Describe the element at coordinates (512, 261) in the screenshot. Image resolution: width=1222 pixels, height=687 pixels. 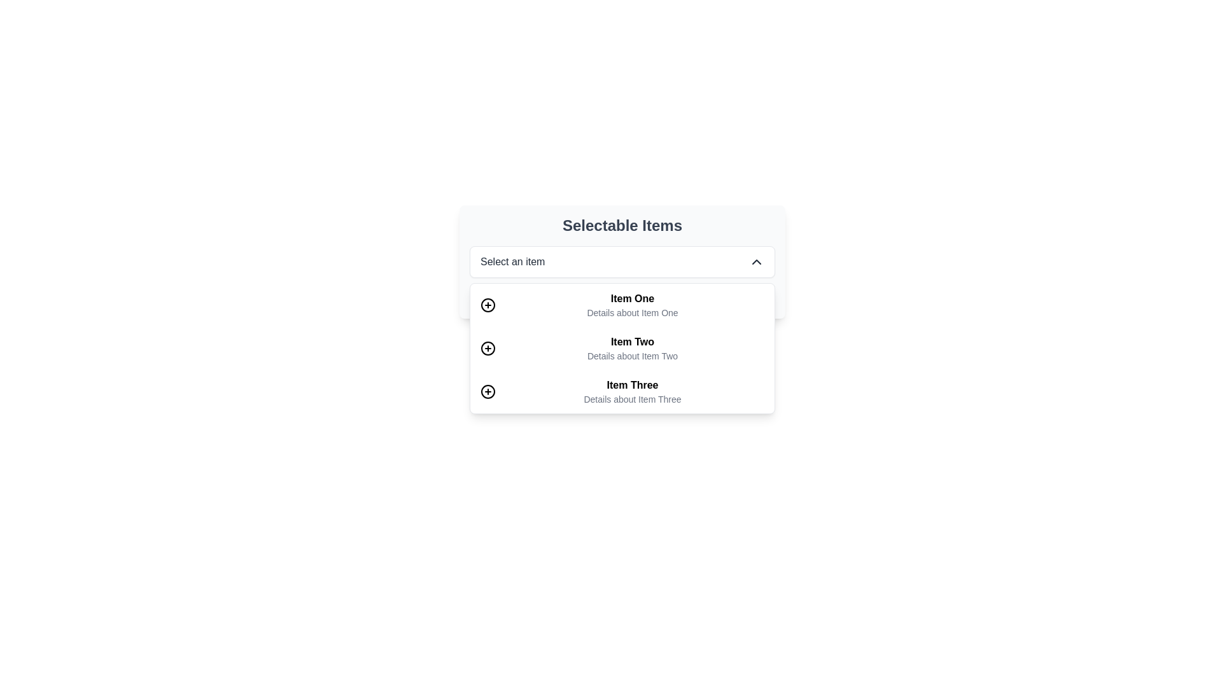
I see `the text label reading 'Select an item' which is centrally aligned in a dropdown interface and located at the center-left of the dropdown component` at that location.